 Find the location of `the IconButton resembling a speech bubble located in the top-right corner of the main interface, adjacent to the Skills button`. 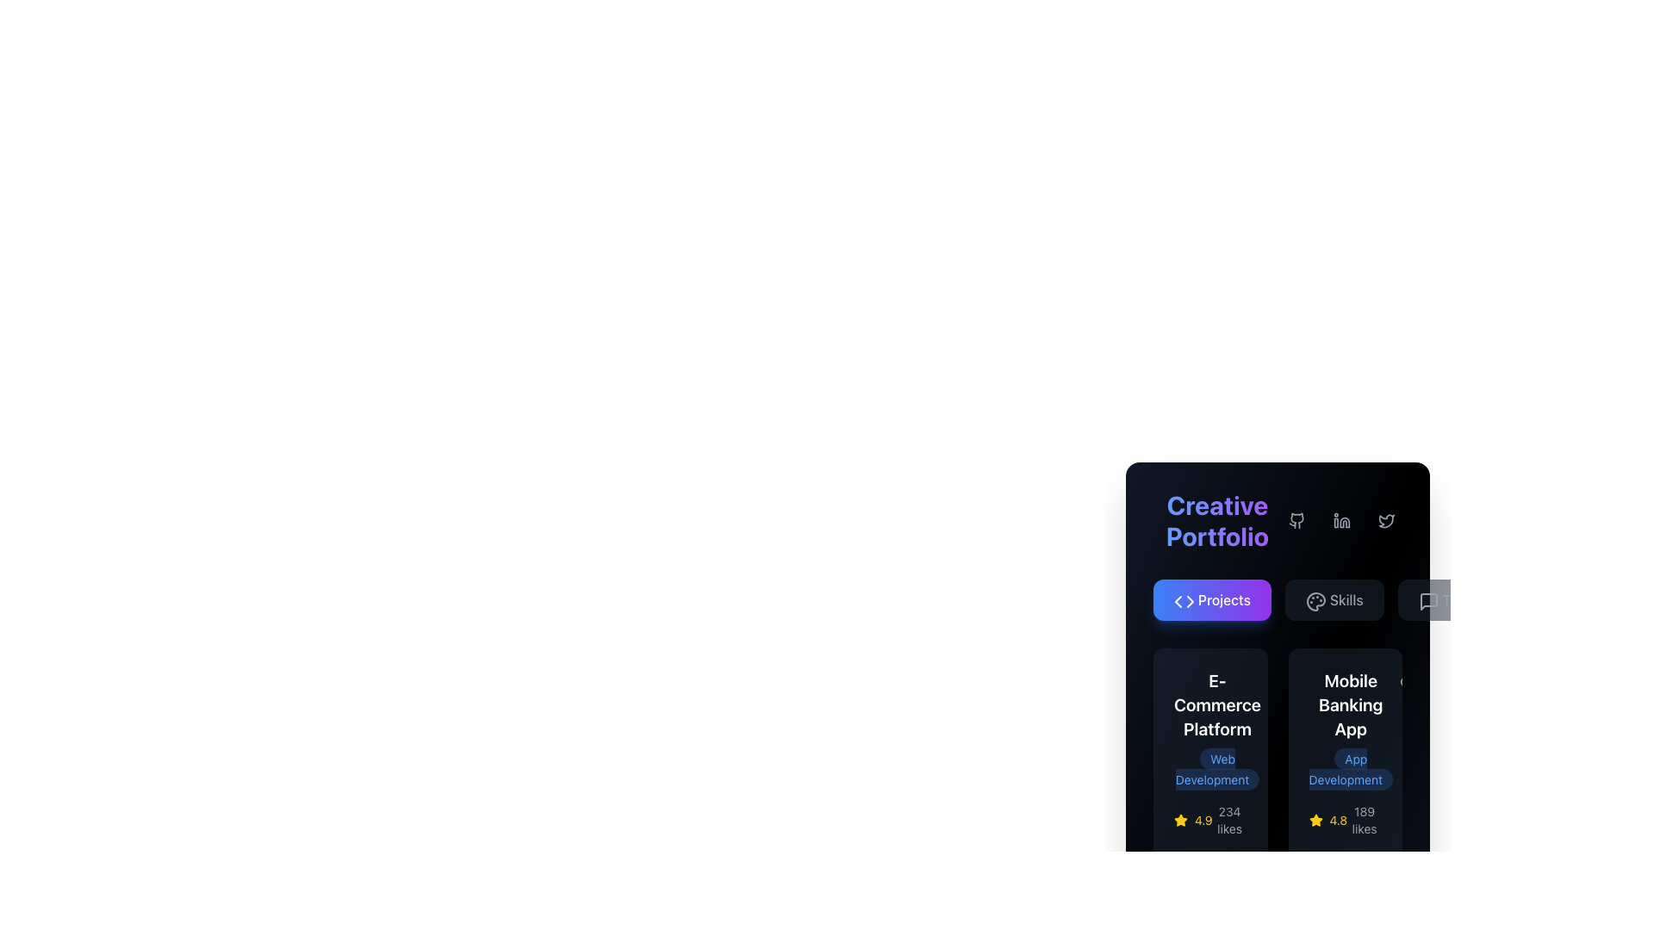

the IconButton resembling a speech bubble located in the top-right corner of the main interface, adjacent to the Skills button is located at coordinates (1428, 600).